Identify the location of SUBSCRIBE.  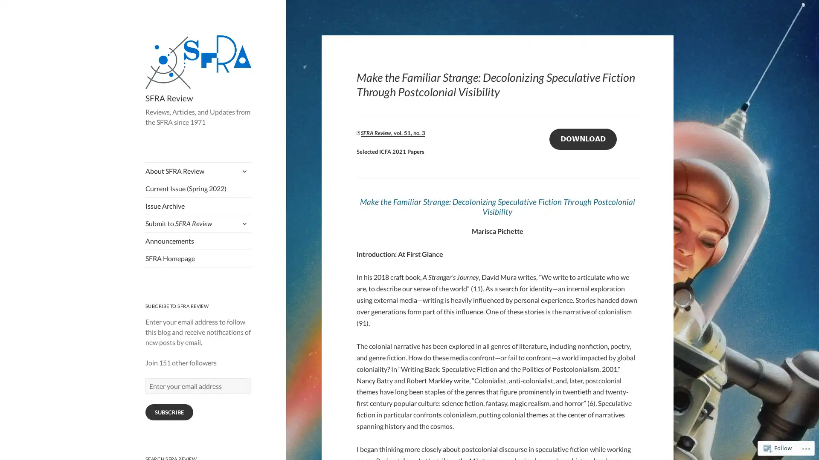
(169, 412).